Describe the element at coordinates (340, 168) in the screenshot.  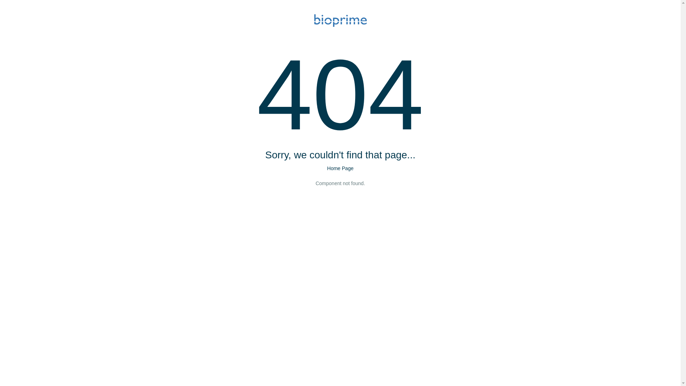
I see `'Home Page'` at that location.